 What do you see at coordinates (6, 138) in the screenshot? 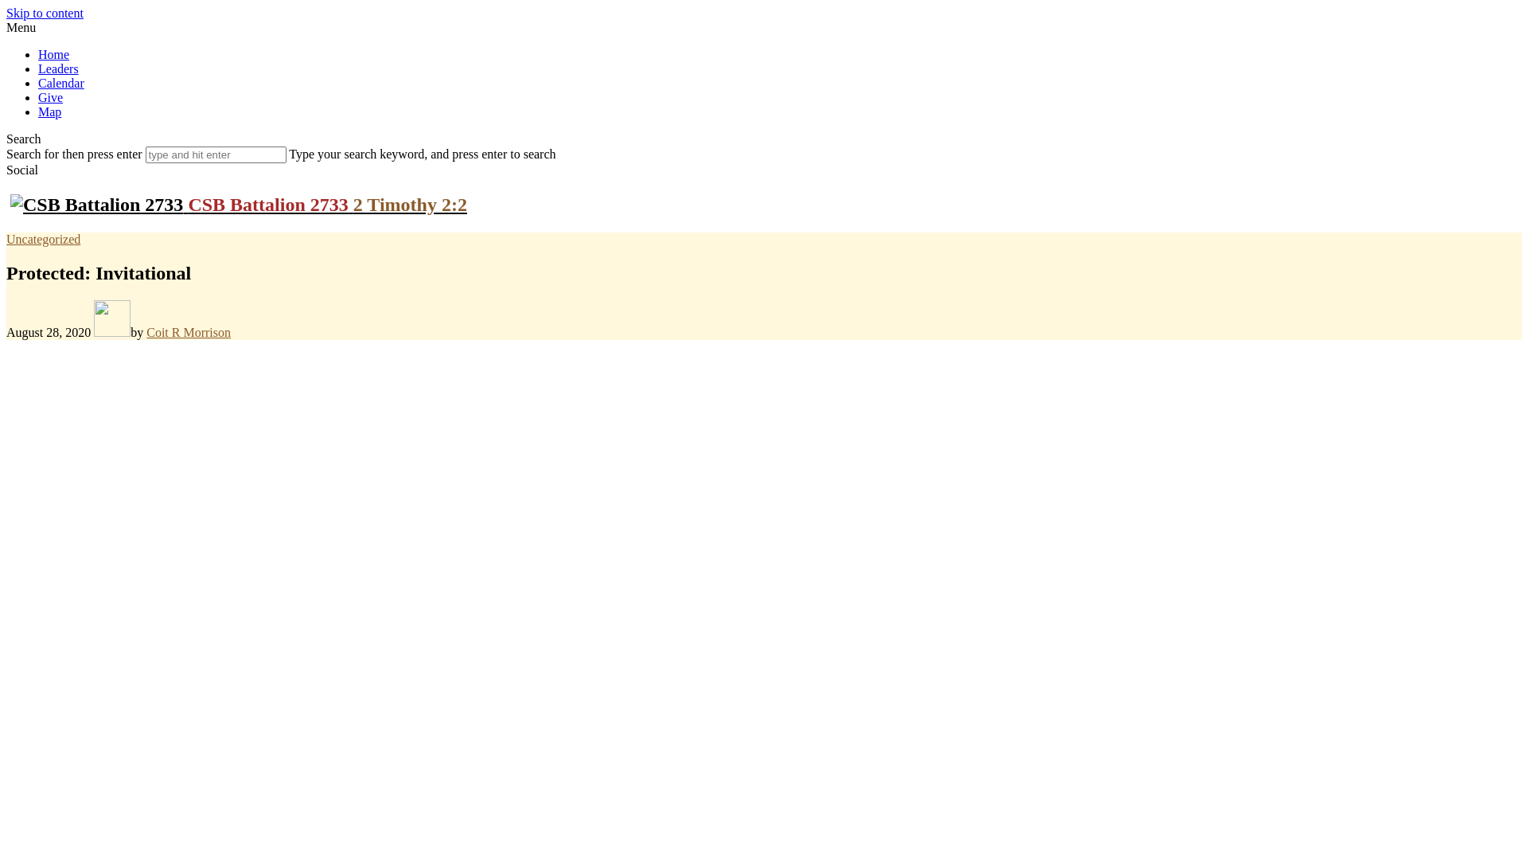
I see `'Search'` at bounding box center [6, 138].